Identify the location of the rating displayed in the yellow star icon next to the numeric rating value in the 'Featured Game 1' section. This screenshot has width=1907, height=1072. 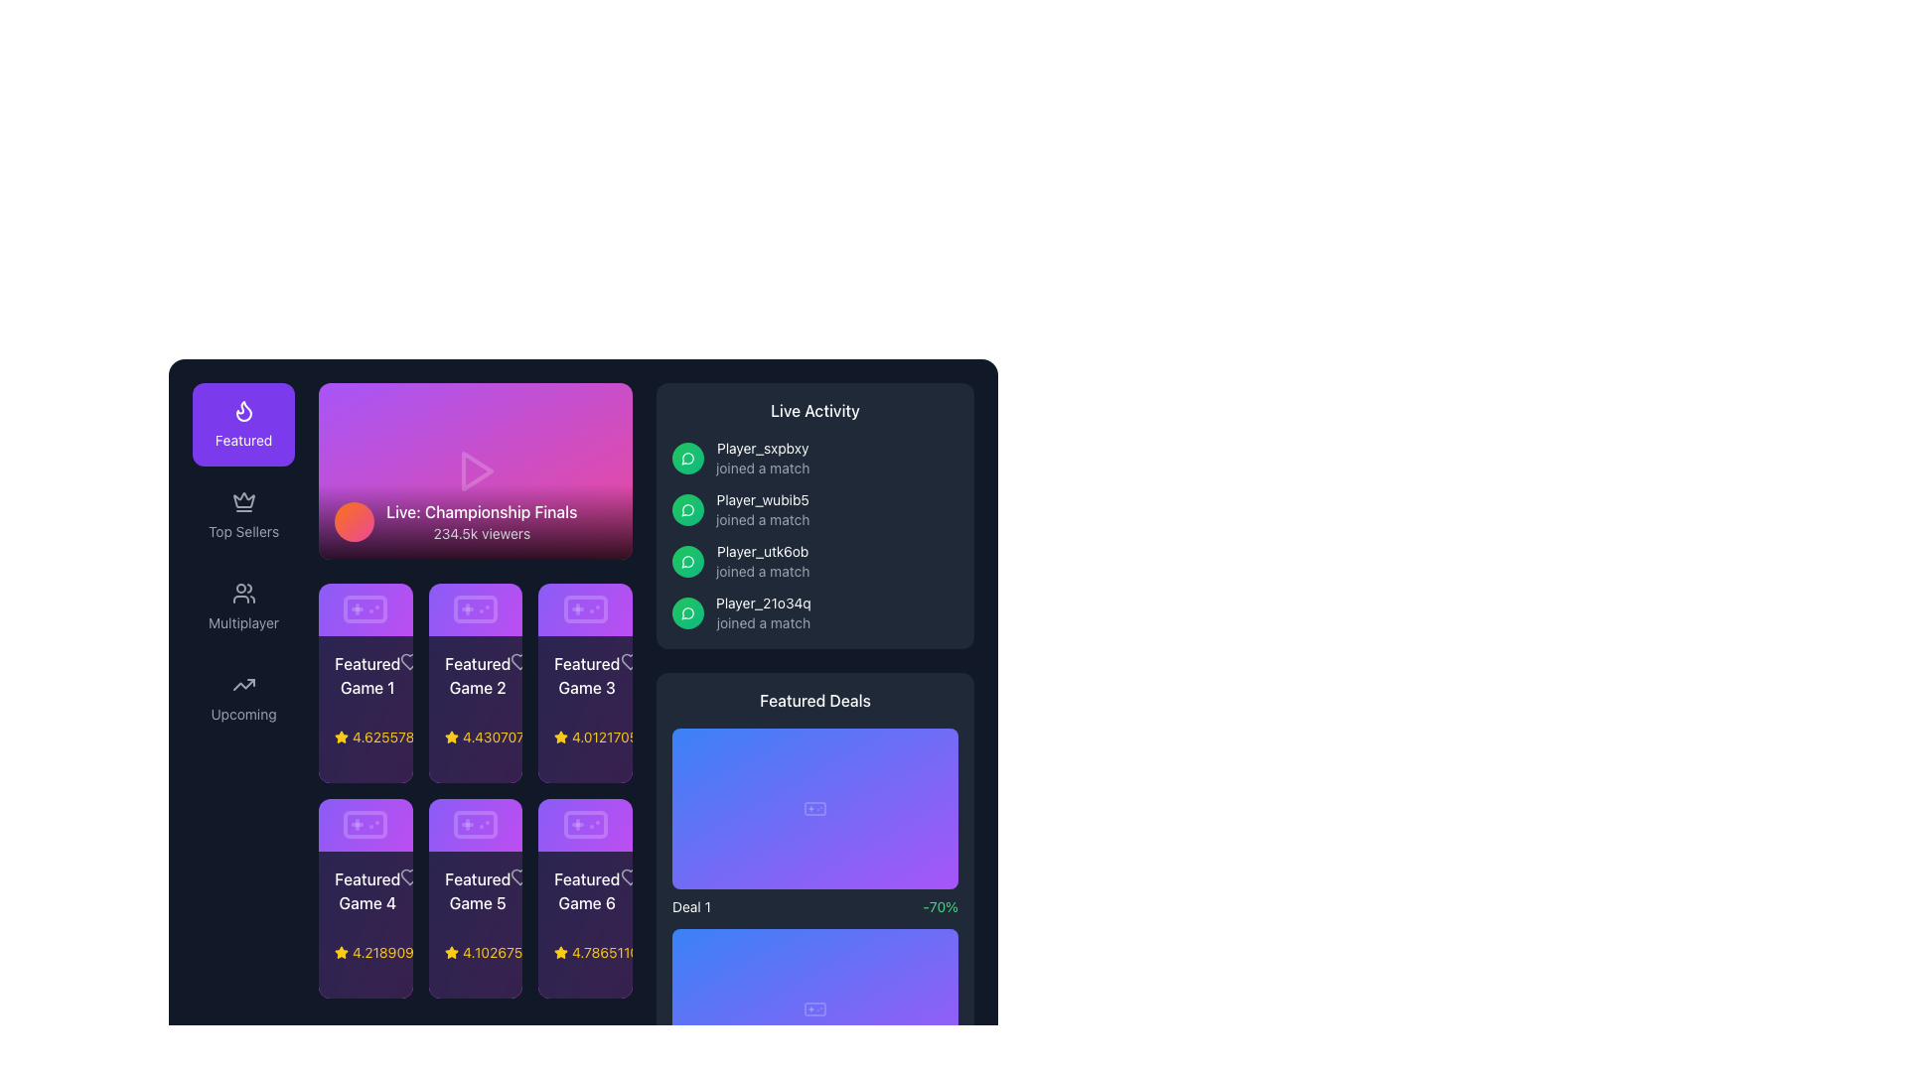
(366, 737).